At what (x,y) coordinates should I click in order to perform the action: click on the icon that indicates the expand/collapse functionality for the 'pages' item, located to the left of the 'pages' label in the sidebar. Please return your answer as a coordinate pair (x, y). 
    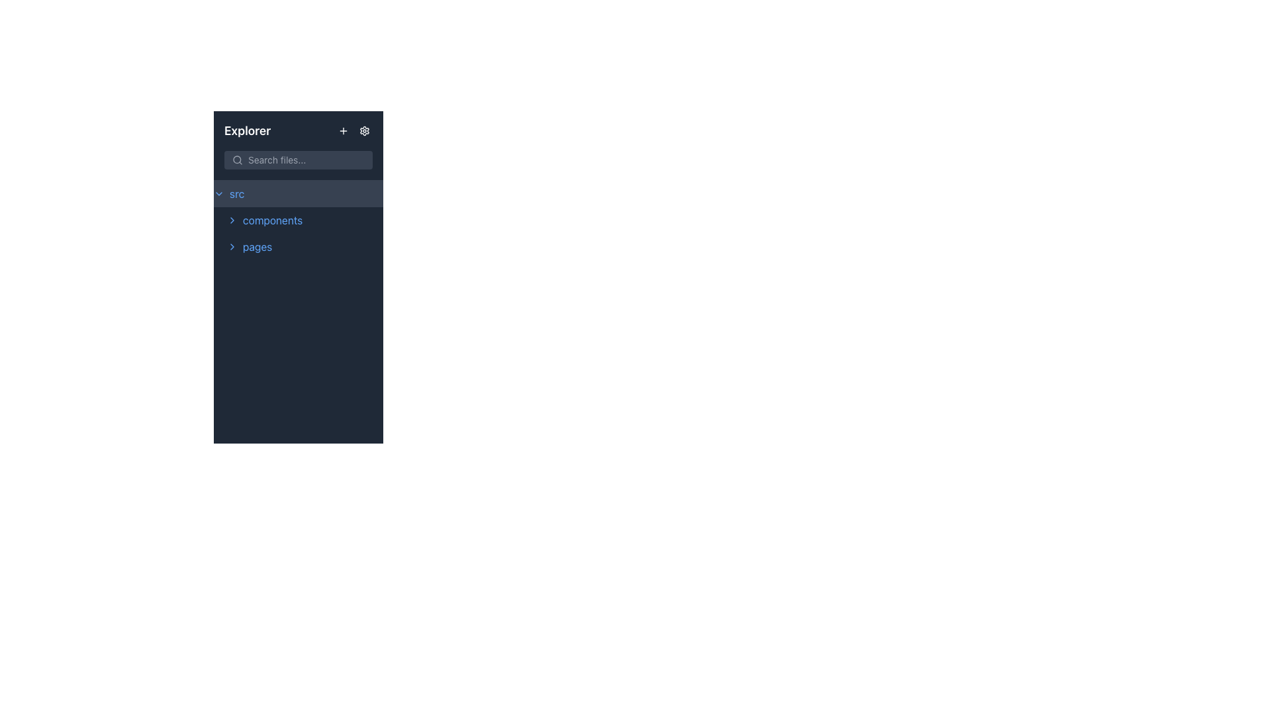
    Looking at the image, I should click on (232, 247).